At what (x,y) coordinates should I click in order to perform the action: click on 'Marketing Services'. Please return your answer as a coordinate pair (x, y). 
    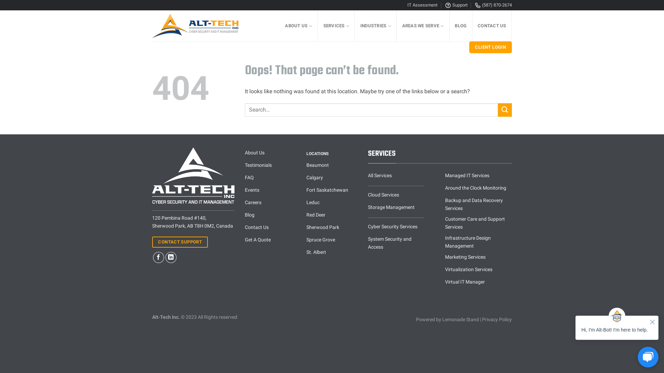
    Looking at the image, I should click on (478, 258).